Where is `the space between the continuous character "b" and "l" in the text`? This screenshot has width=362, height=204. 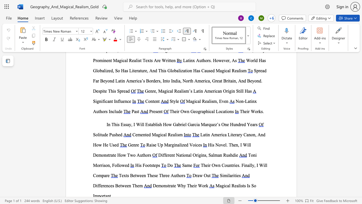
the space between the continuous character "b" and "l" in the text is located at coordinates (155, 124).